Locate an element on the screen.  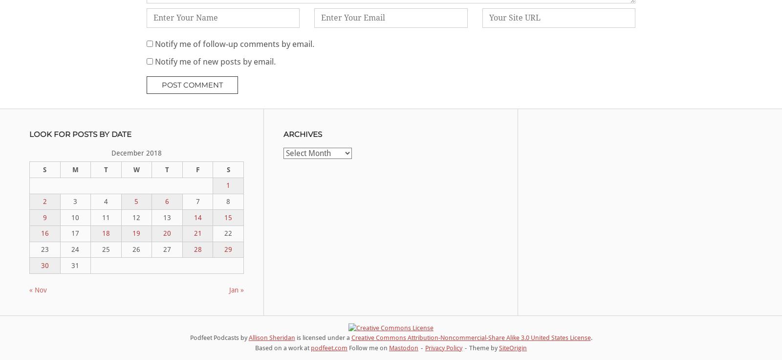
'22' is located at coordinates (224, 233).